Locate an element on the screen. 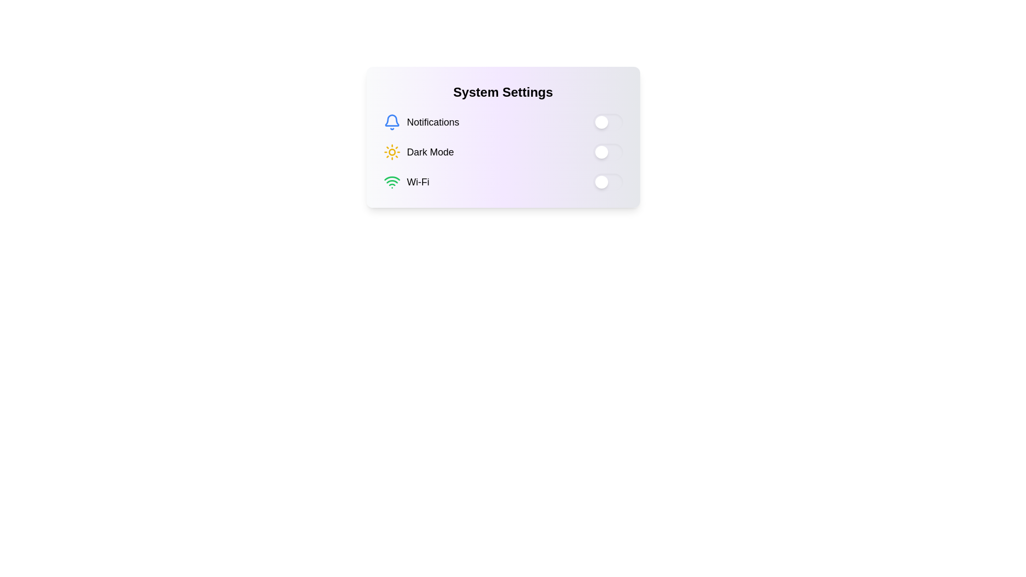 This screenshot has width=1026, height=577. the sun-shaped icon located to the left of the 'Dark Mode' label, which features a circular center and sharp, yellow rays is located at coordinates (391, 152).